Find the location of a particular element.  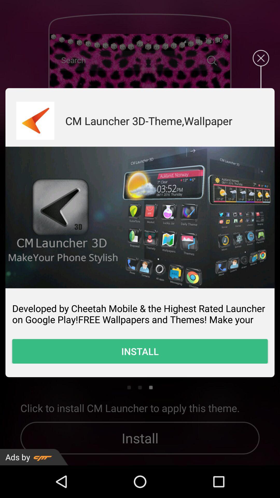

download it is located at coordinates (35, 120).